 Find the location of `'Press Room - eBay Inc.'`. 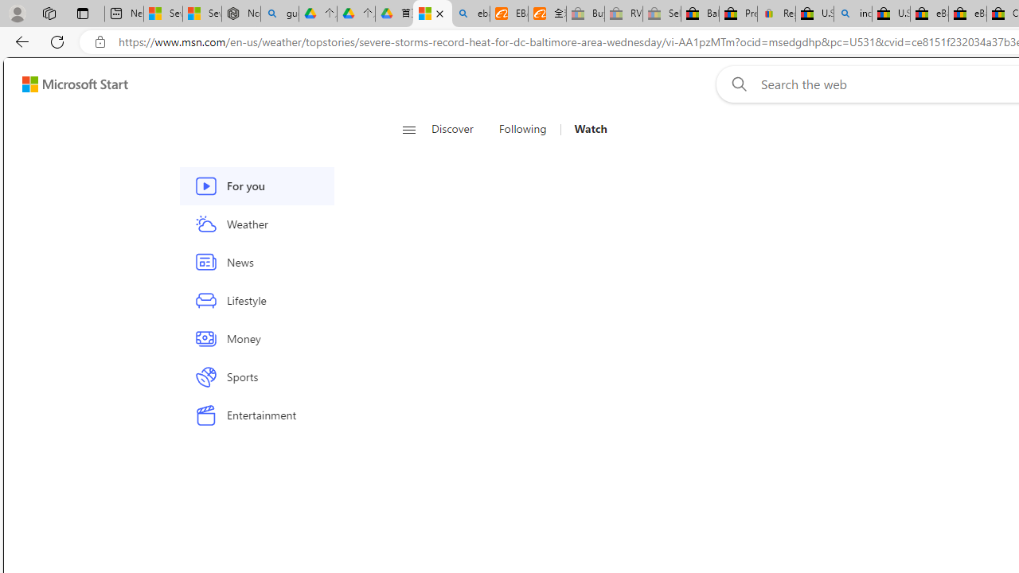

'Press Room - eBay Inc.' is located at coordinates (737, 14).